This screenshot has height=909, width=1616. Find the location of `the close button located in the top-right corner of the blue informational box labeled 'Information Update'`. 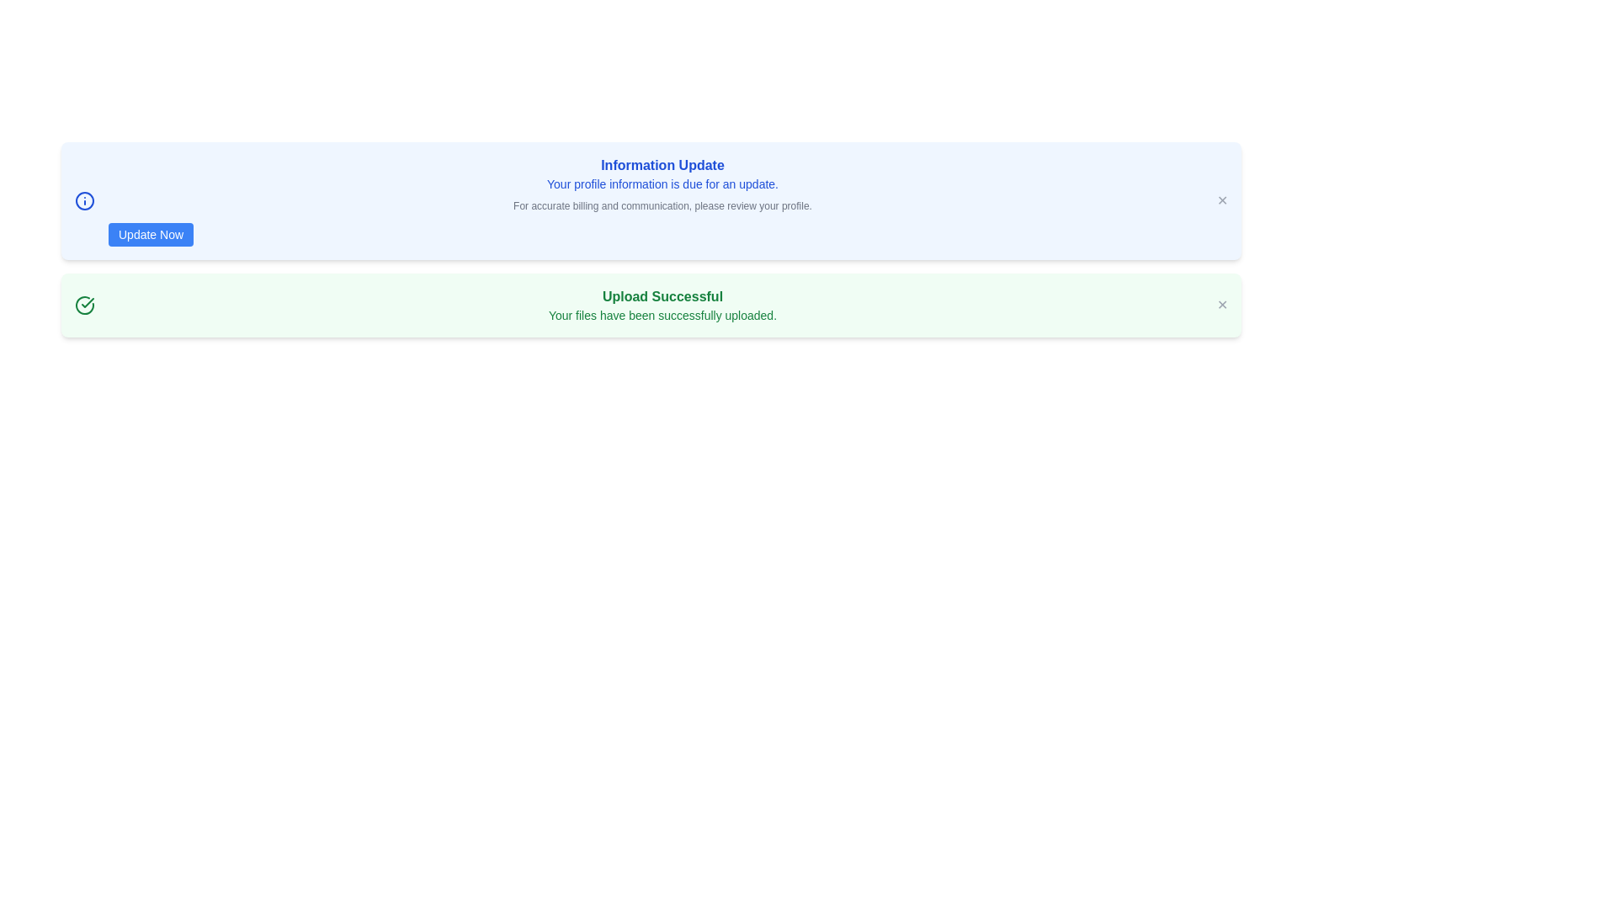

the close button located in the top-right corner of the blue informational box labeled 'Information Update' is located at coordinates (1222, 200).